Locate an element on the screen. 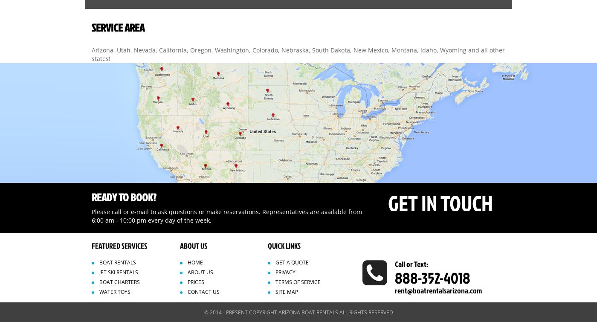 The image size is (597, 322). 'SERVICE AREA' is located at coordinates (118, 27).